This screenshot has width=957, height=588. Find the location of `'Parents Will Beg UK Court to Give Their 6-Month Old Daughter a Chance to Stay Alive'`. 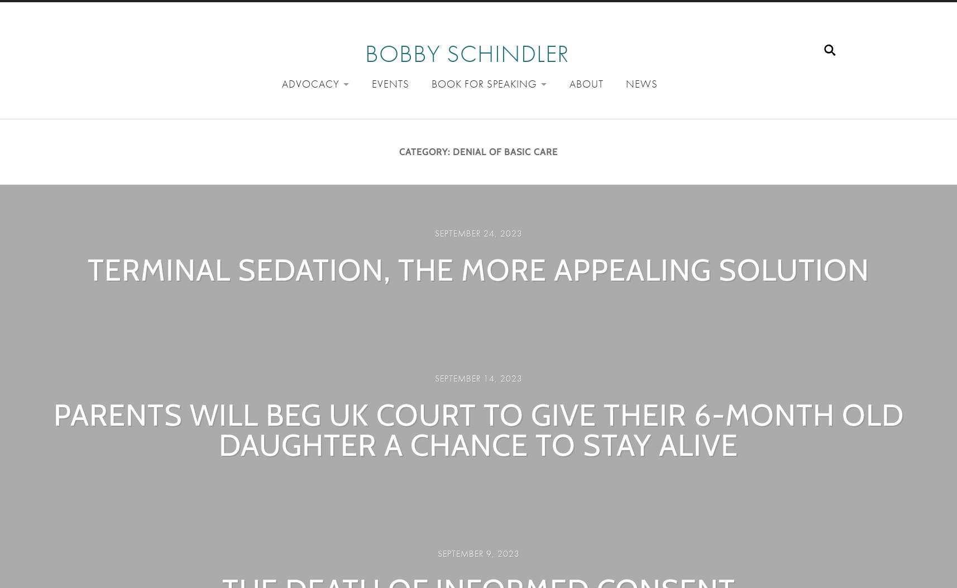

'Parents Will Beg UK Court to Give Their 6-Month Old Daughter a Chance to Stay Alive' is located at coordinates (478, 430).